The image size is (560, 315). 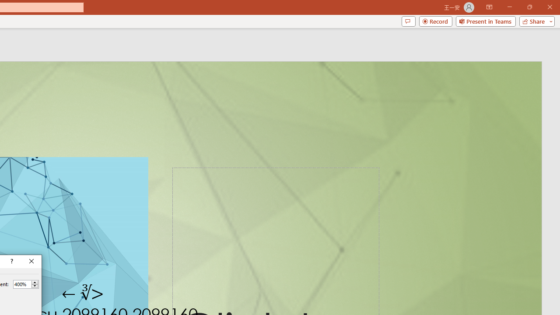 I want to click on 'Percent', so click(x=22, y=284).